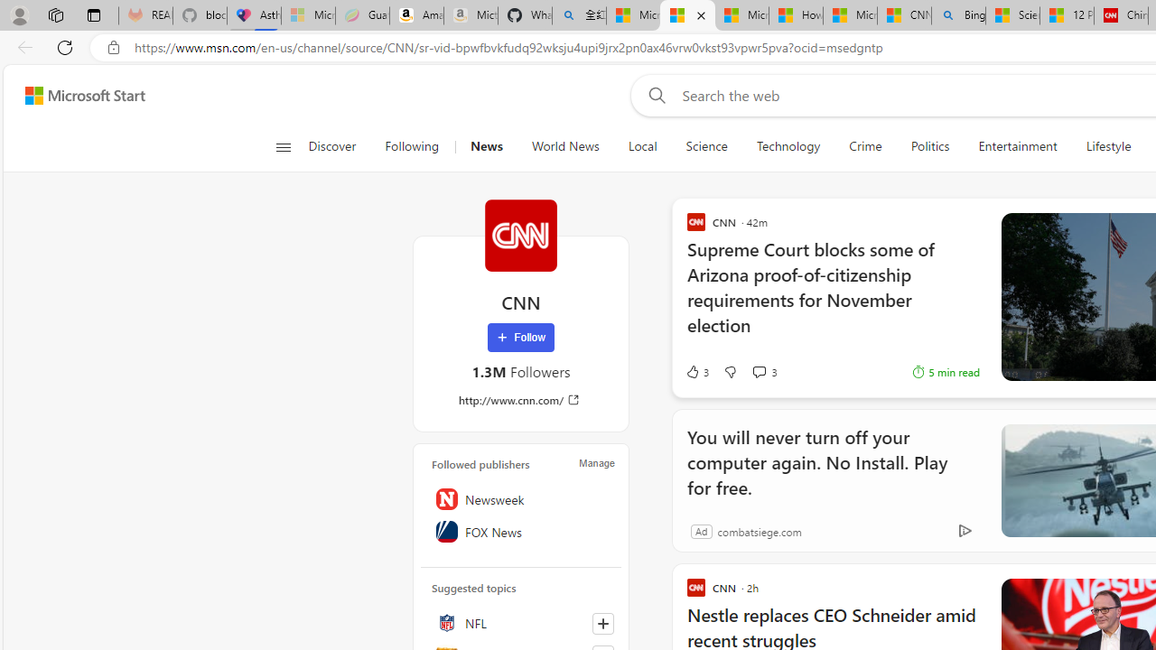 This screenshot has width=1156, height=650. I want to click on '12 Popular Science Lies that Must be Corrected', so click(1067, 15).